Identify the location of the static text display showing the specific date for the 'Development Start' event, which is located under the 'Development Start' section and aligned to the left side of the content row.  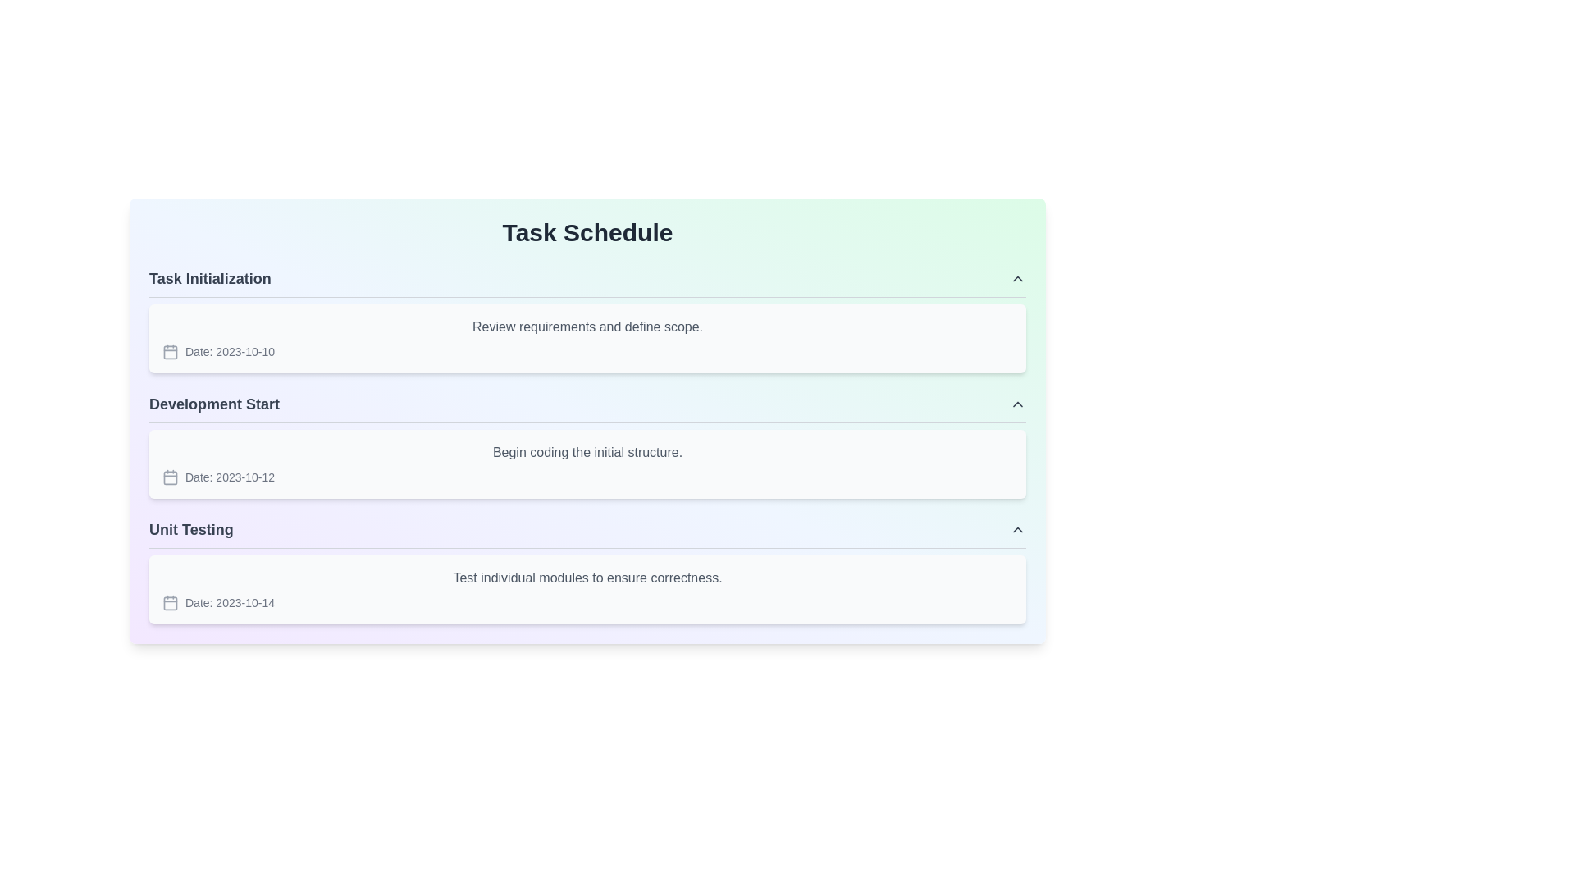
(229, 477).